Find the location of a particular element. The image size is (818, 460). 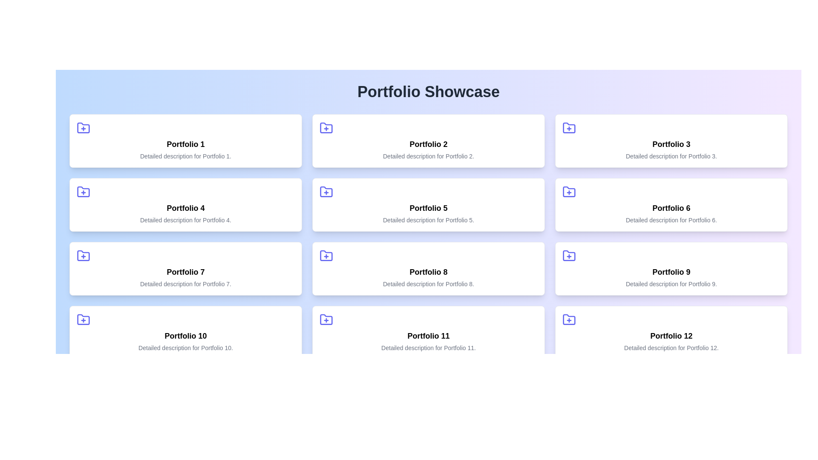

text segment styled with a small font and gray color that says 'Detailed description for Portfolio 11.' located within the bottom part of the card about 'Portfolio 11' is located at coordinates (429, 348).